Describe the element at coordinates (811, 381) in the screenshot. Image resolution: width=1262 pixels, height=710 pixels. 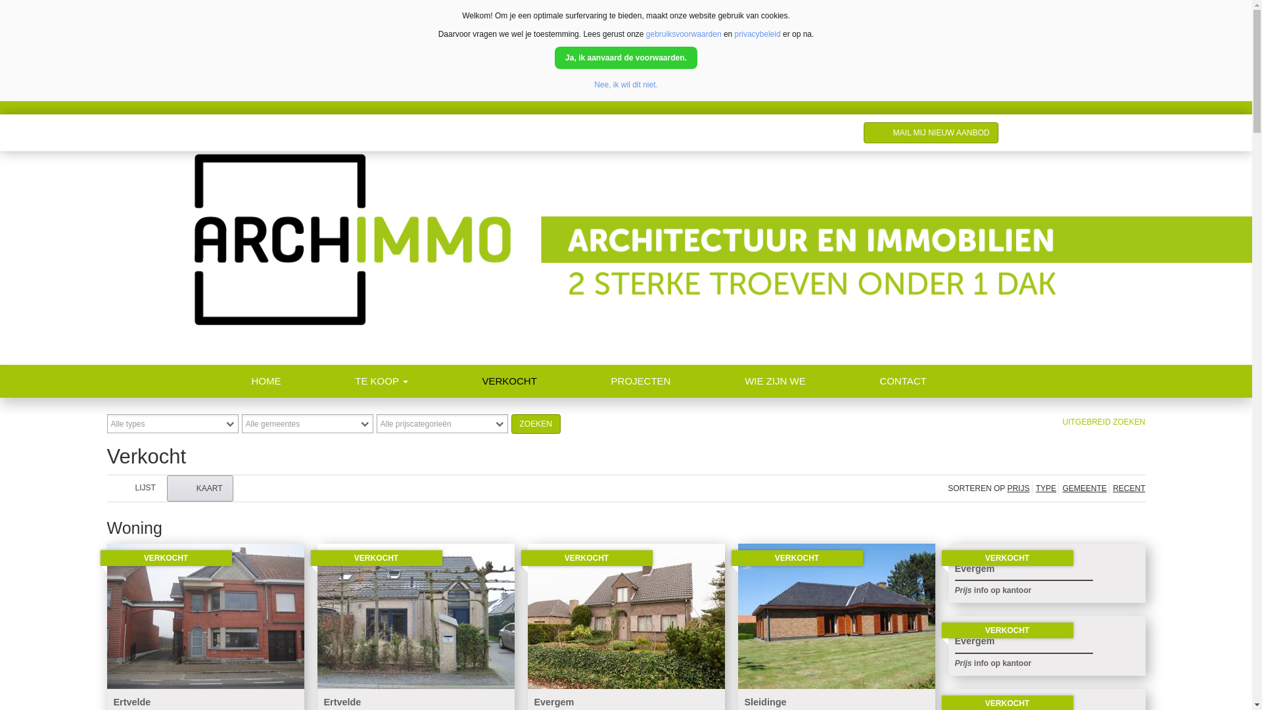
I see `'WIE ZIJN WE'` at that location.